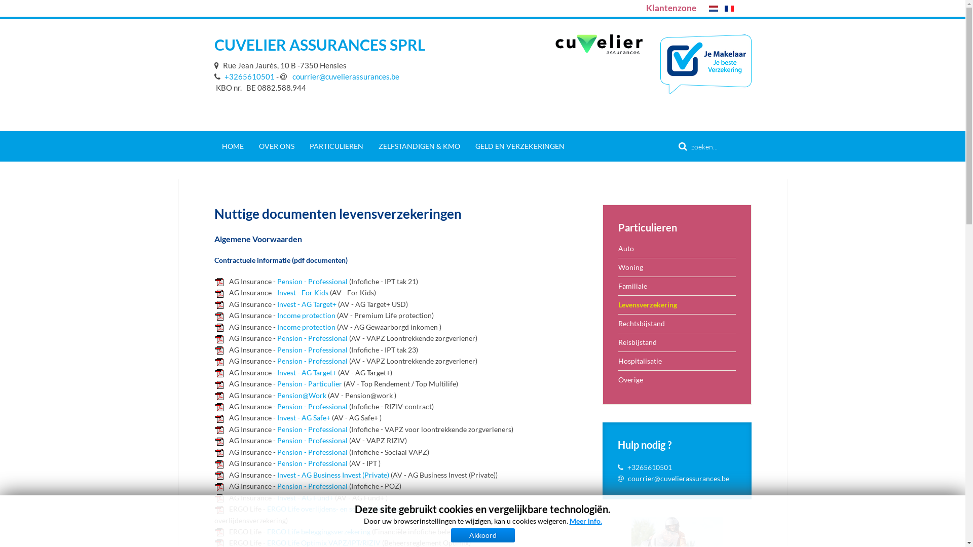 The width and height of the screenshot is (973, 547). Describe the element at coordinates (339, 75) in the screenshot. I see `'   courrier@cuvelierassurances.be'` at that location.